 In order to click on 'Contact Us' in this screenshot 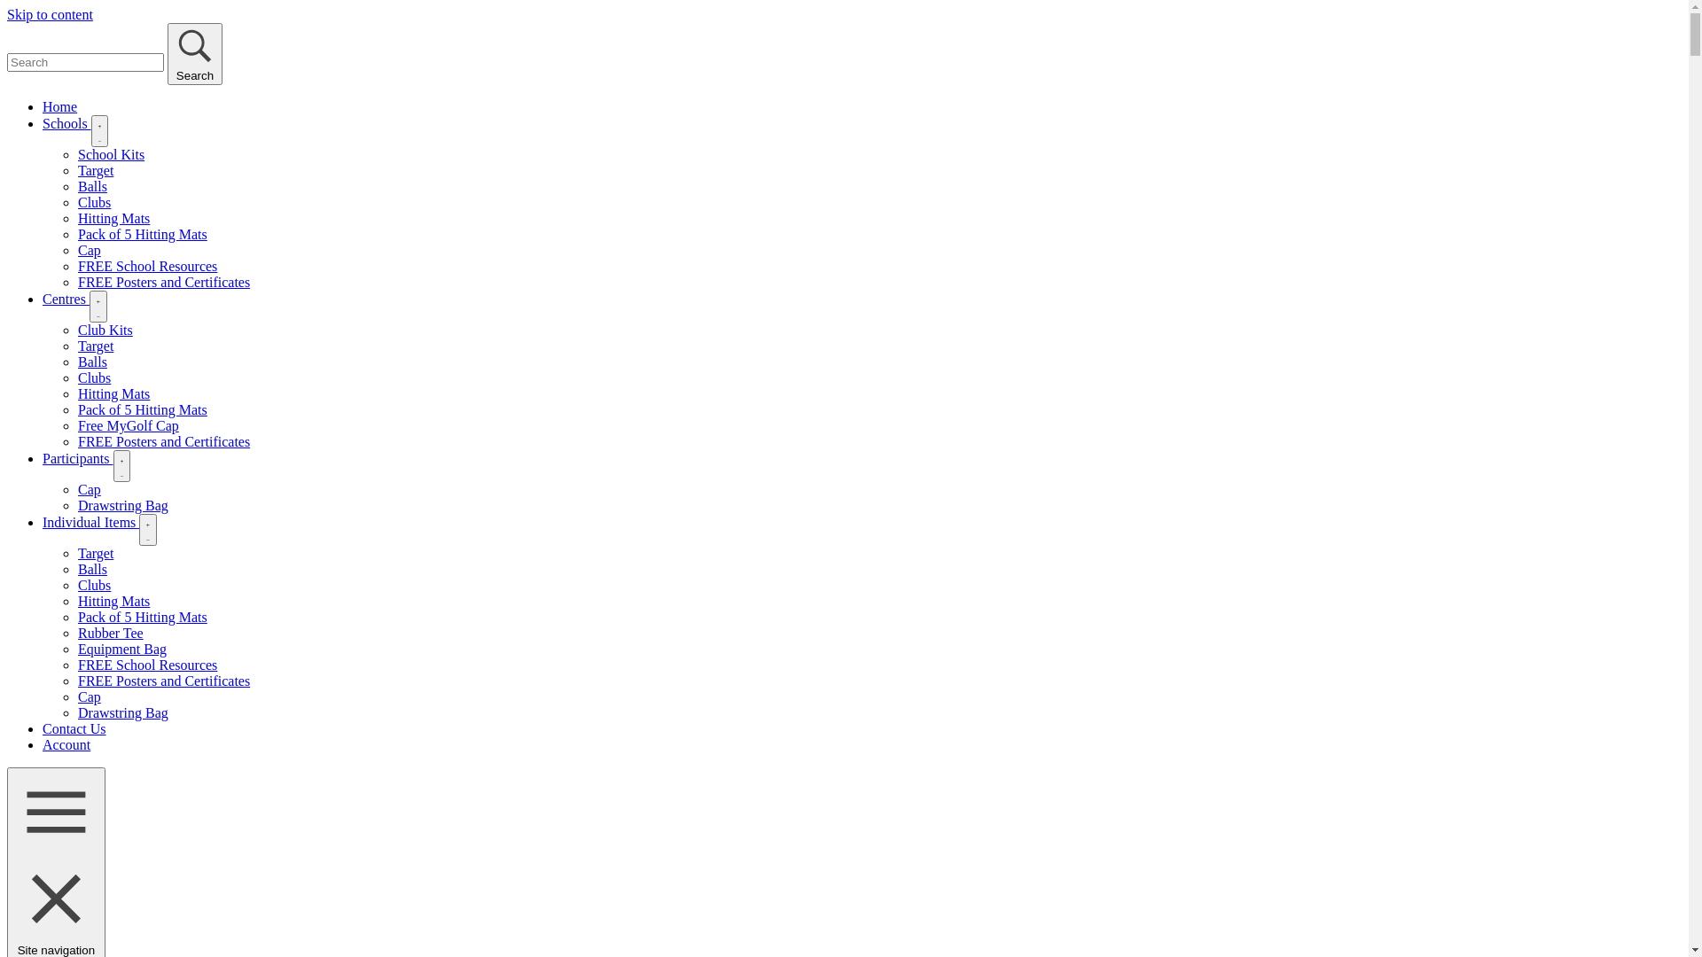, I will do `click(73, 728)`.